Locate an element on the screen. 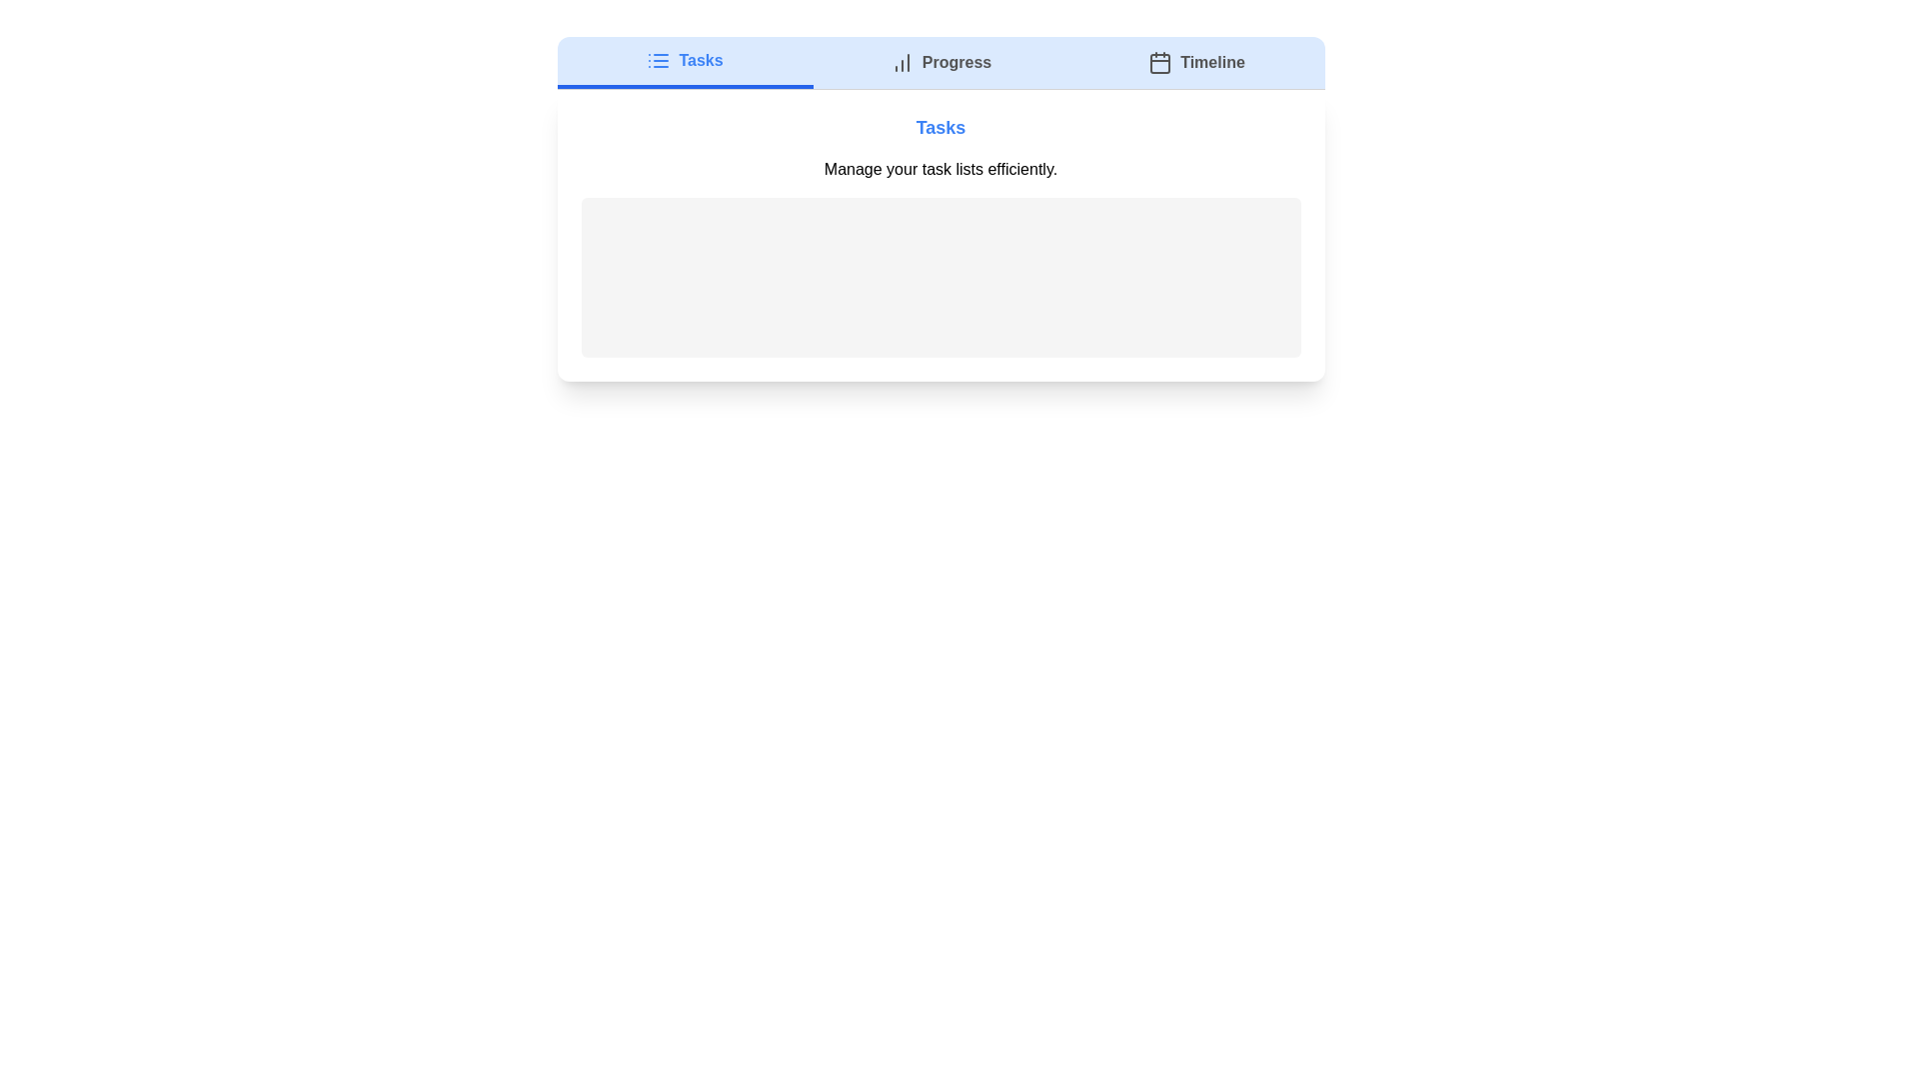 Image resolution: width=1919 pixels, height=1079 pixels. the 'Timeline' icon located in the navigation bar at the far right of the top menu is located at coordinates (1160, 61).